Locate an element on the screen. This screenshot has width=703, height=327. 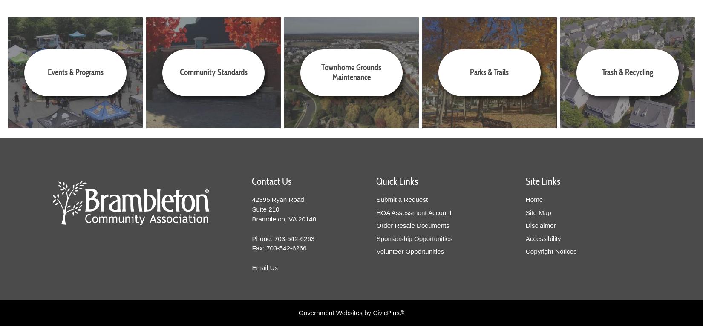
'Brambleton, VA 20148' is located at coordinates (251, 218).